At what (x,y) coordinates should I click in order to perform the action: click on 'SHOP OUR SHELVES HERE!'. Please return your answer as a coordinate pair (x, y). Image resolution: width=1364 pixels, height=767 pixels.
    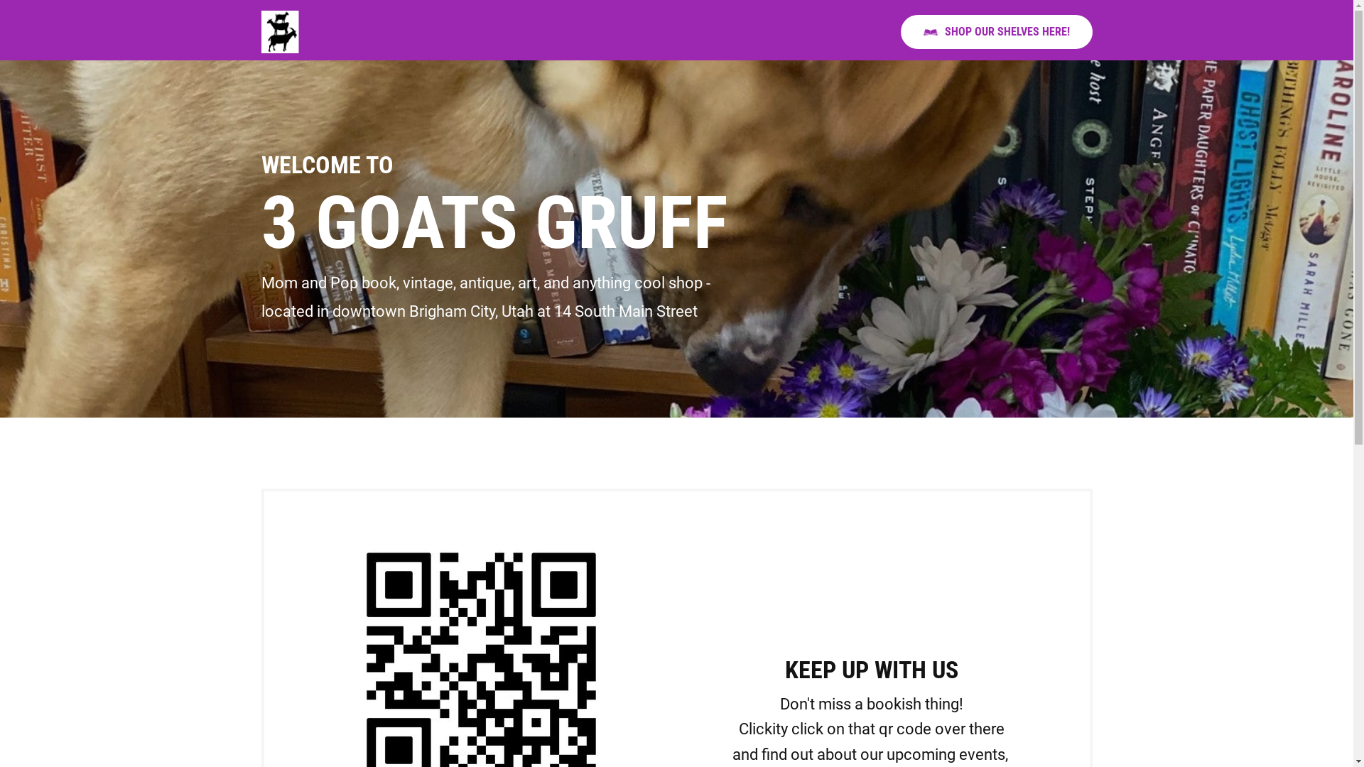
    Looking at the image, I should click on (995, 31).